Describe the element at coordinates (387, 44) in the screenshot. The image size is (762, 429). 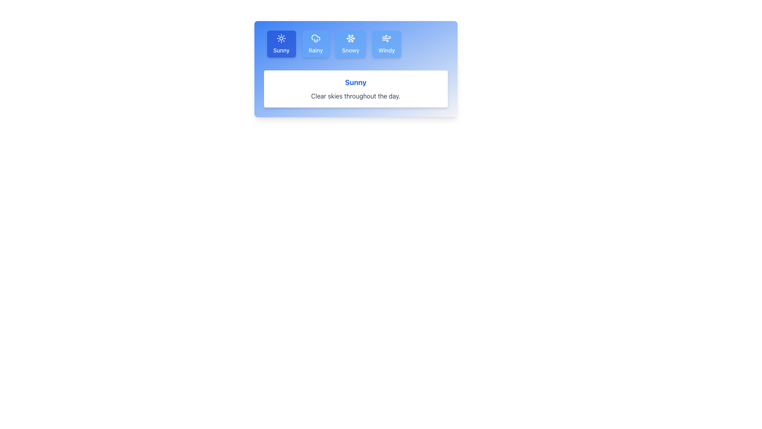
I see `the 'Windy' button which allows users to select windy as a weather condition for keyboard navigation` at that location.